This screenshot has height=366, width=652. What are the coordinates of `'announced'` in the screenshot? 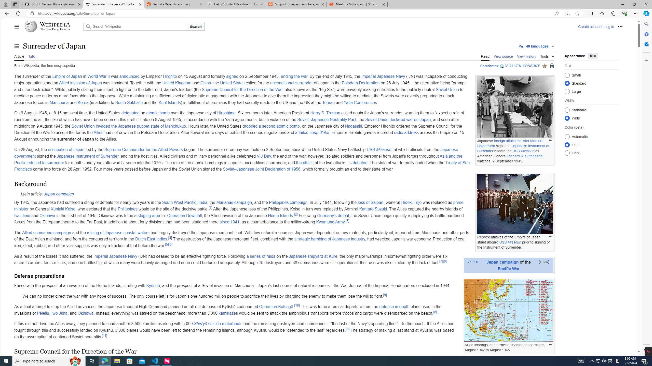 It's located at (129, 76).